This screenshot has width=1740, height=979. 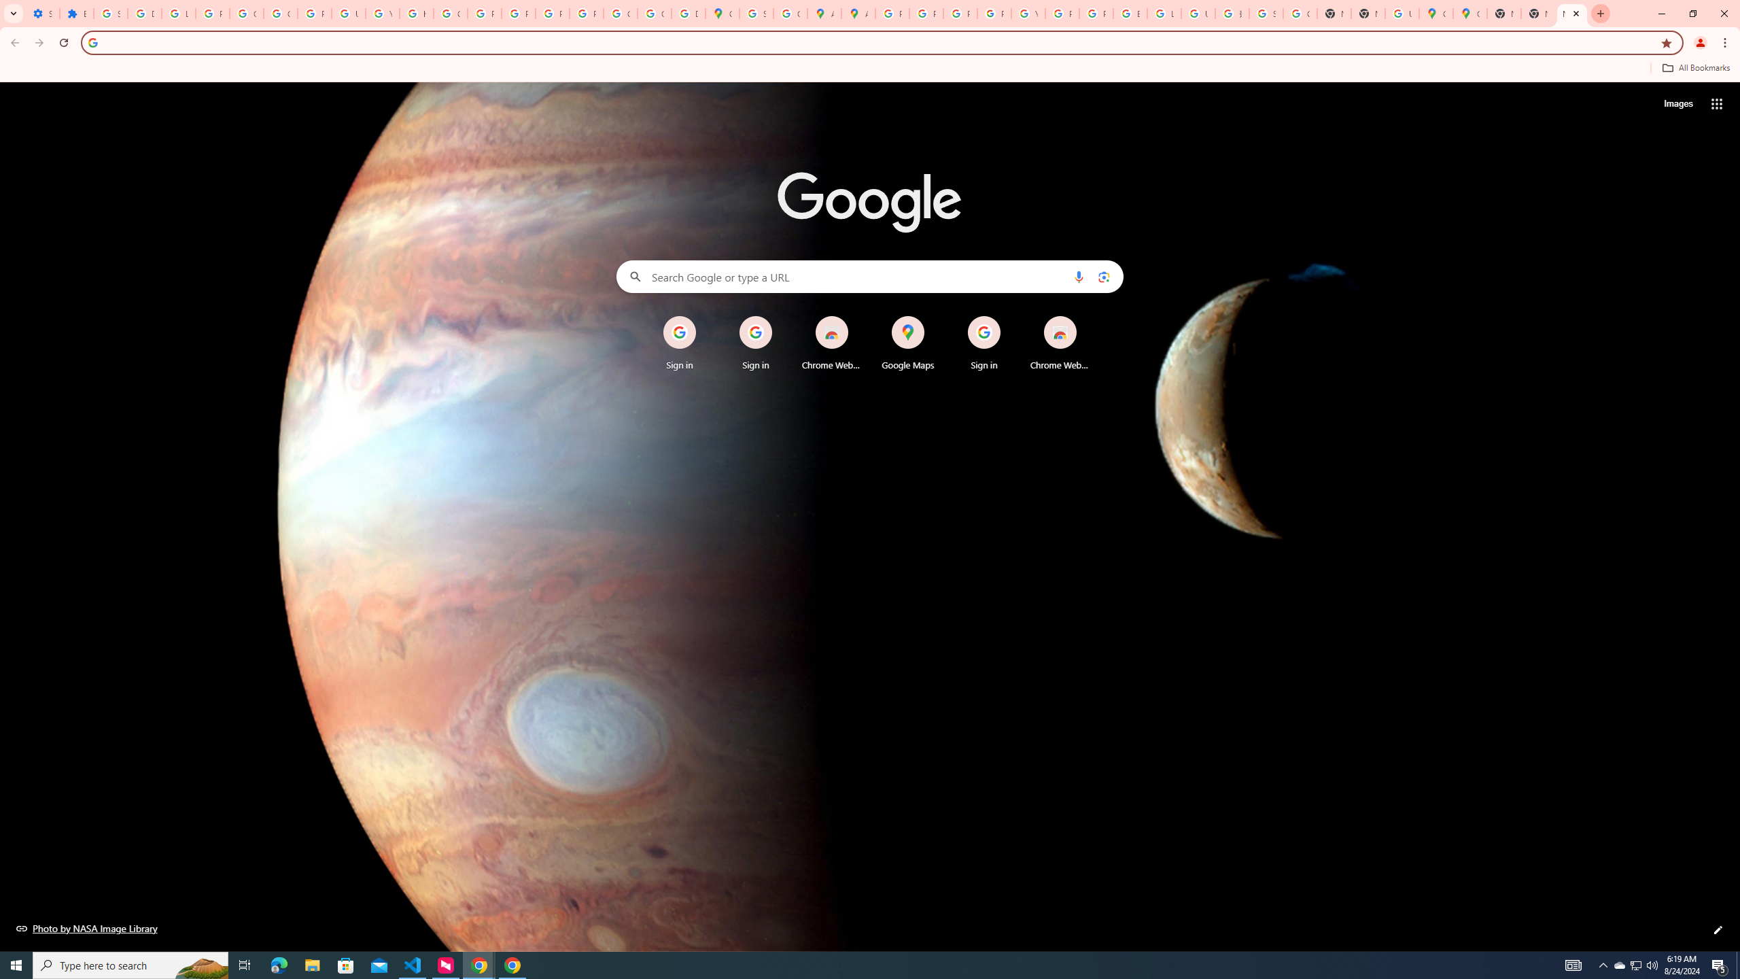 I want to click on 'You', so click(x=1701, y=42).